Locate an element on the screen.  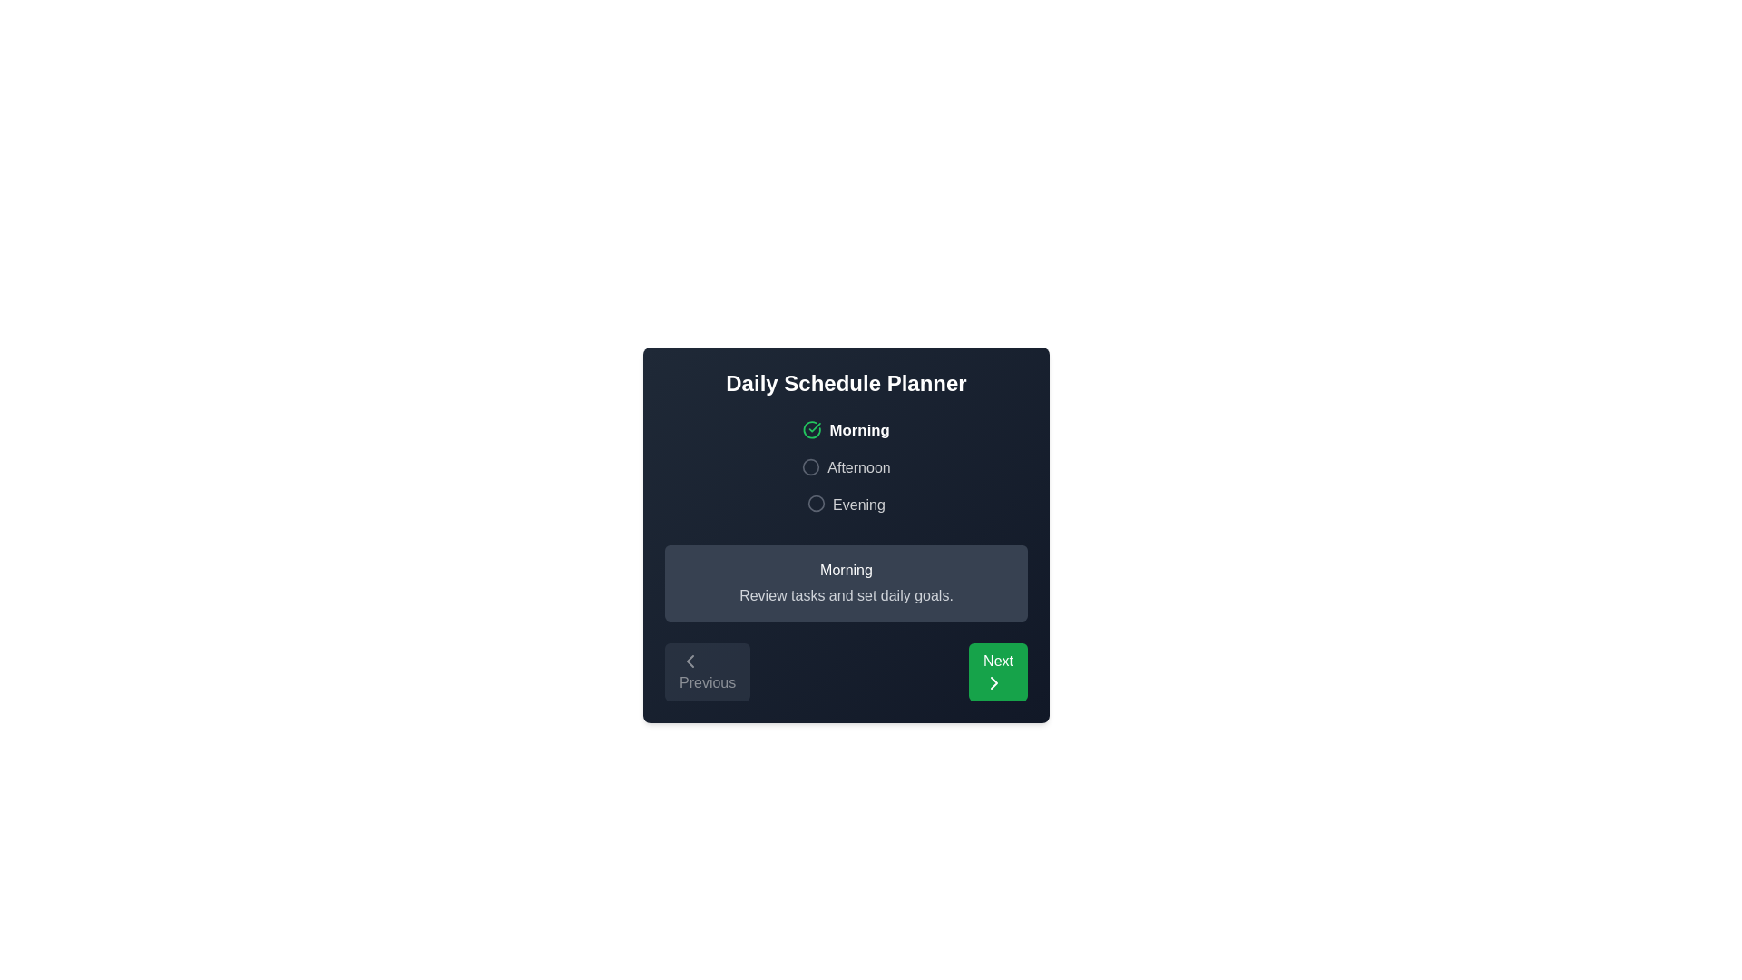
the Informational text block with a gray background and bold title 'Morning', which contains the text 'Review tasks and set daily goals.' positioned below the 'Morning' option in the Daily Schedule Planner is located at coordinates (845, 583).